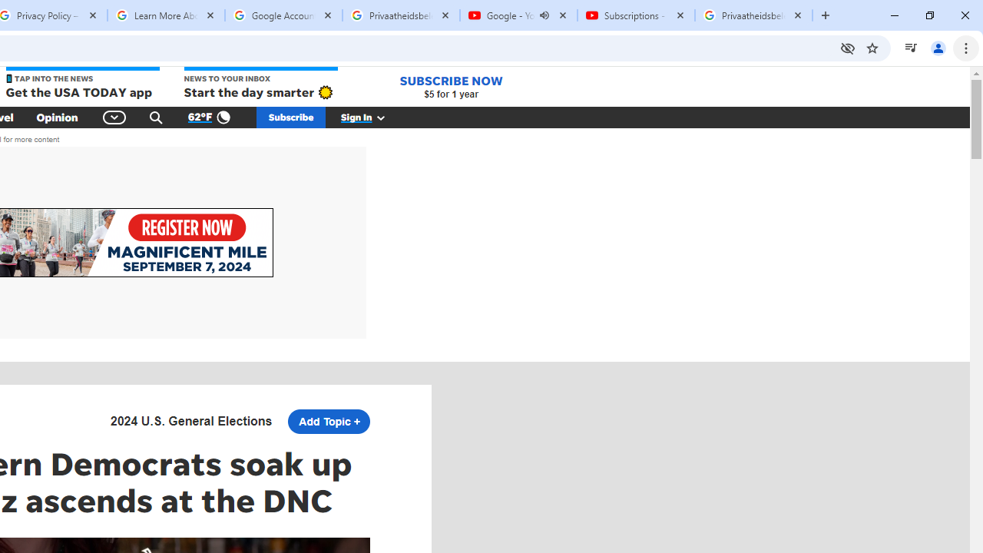 The width and height of the screenshot is (983, 553). Describe the element at coordinates (636, 15) in the screenshot. I see `'Subscriptions - YouTube'` at that location.